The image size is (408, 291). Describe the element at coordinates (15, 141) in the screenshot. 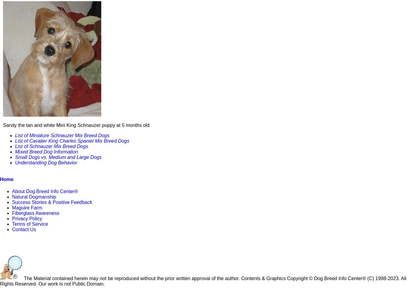

I see `'List of Cavalier King Charles Spaniel Mix Breed Dogs'` at that location.